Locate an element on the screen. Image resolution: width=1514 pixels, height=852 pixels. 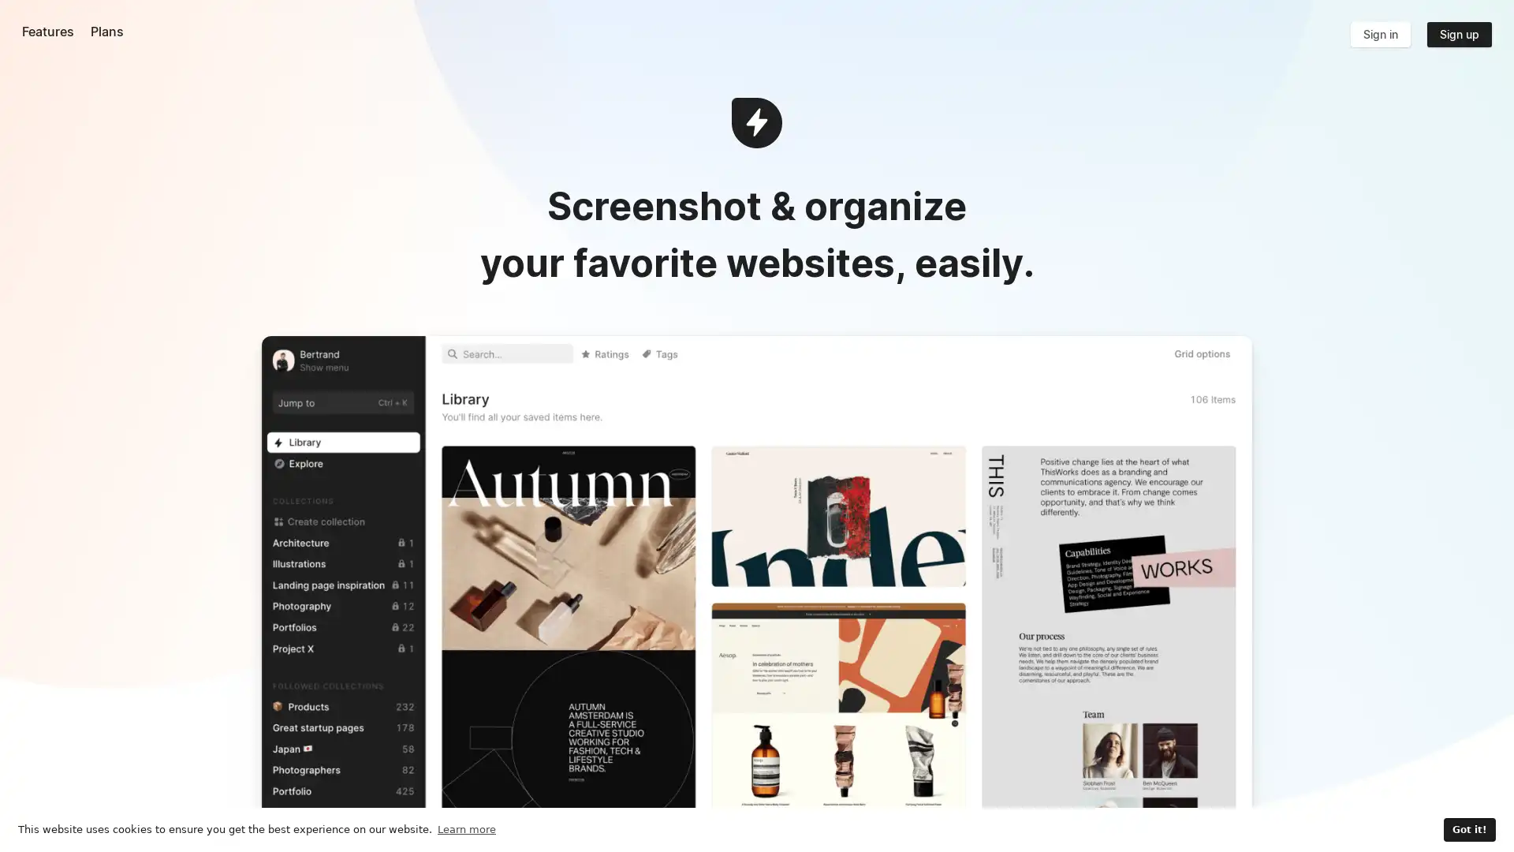
learn more about cookies is located at coordinates (465, 828).